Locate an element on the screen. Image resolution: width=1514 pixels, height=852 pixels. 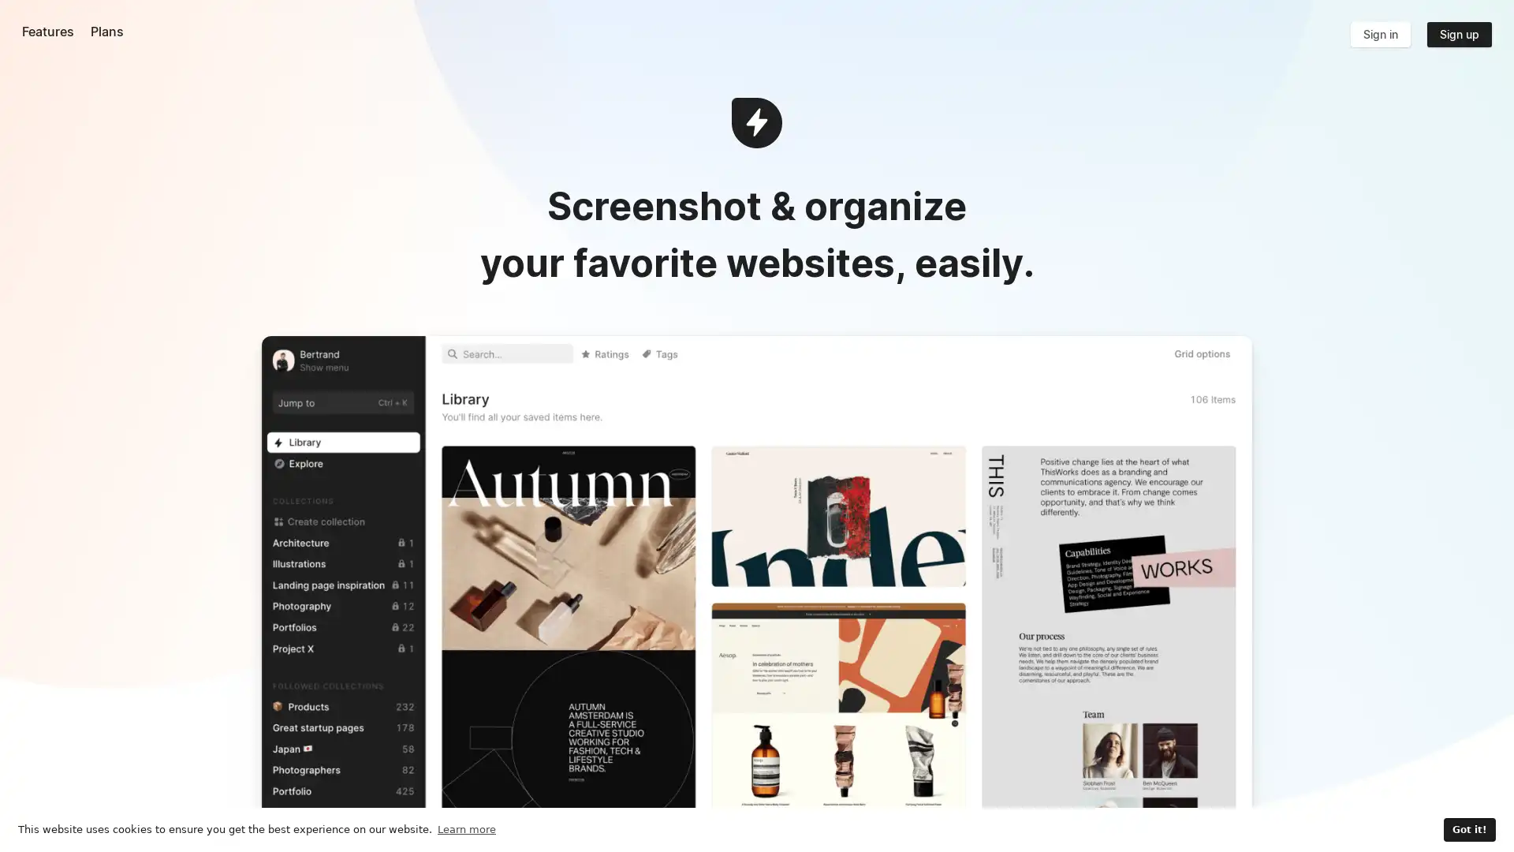
learn more about cookies is located at coordinates (465, 828).